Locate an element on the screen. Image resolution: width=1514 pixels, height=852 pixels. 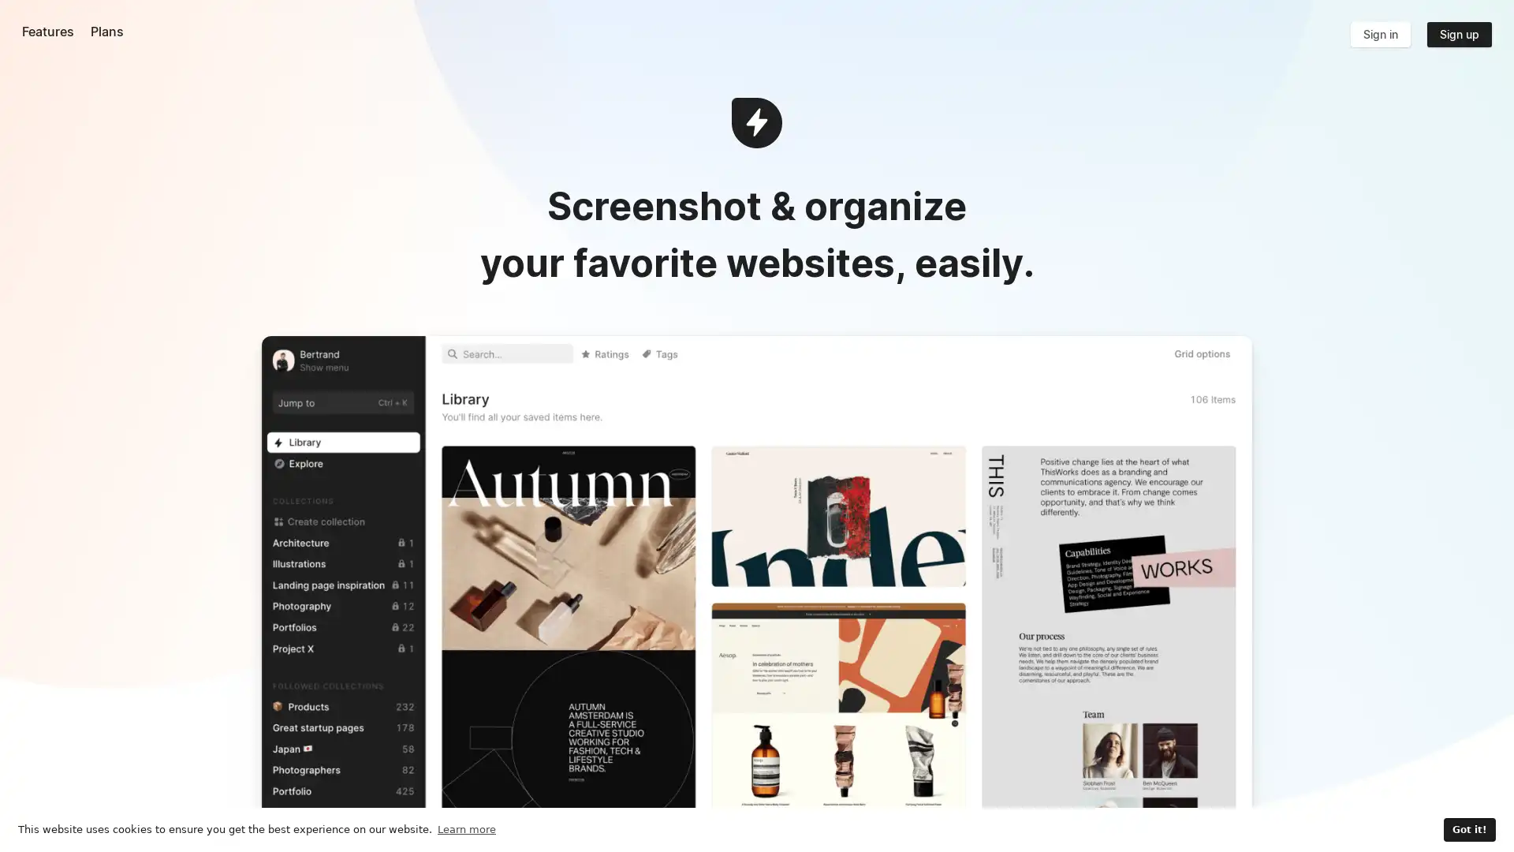
learn more about cookies is located at coordinates (465, 828).